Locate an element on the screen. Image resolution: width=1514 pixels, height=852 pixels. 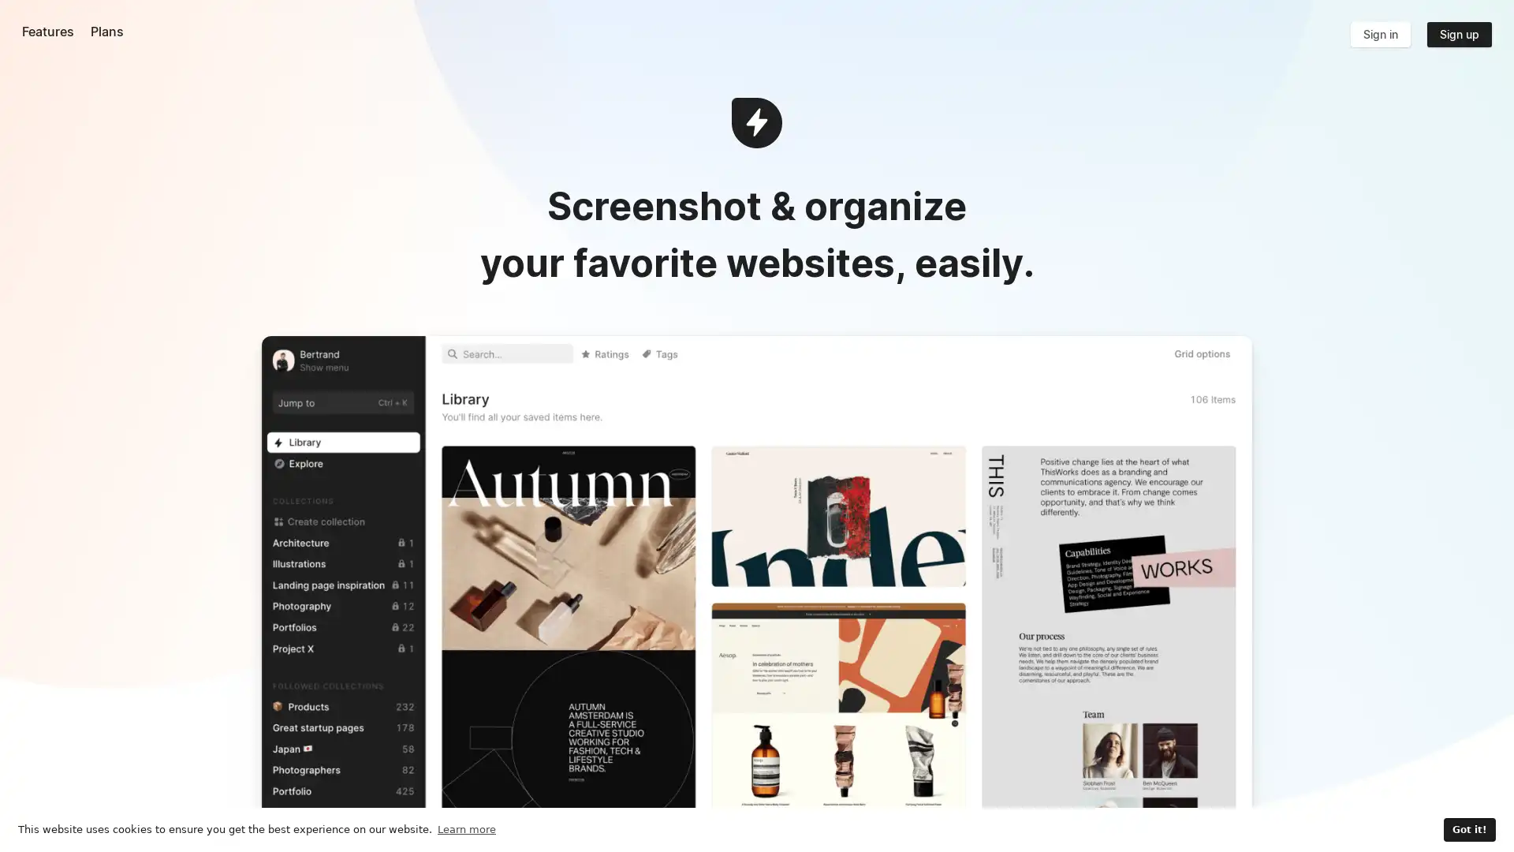
learn more about cookies is located at coordinates (465, 828).